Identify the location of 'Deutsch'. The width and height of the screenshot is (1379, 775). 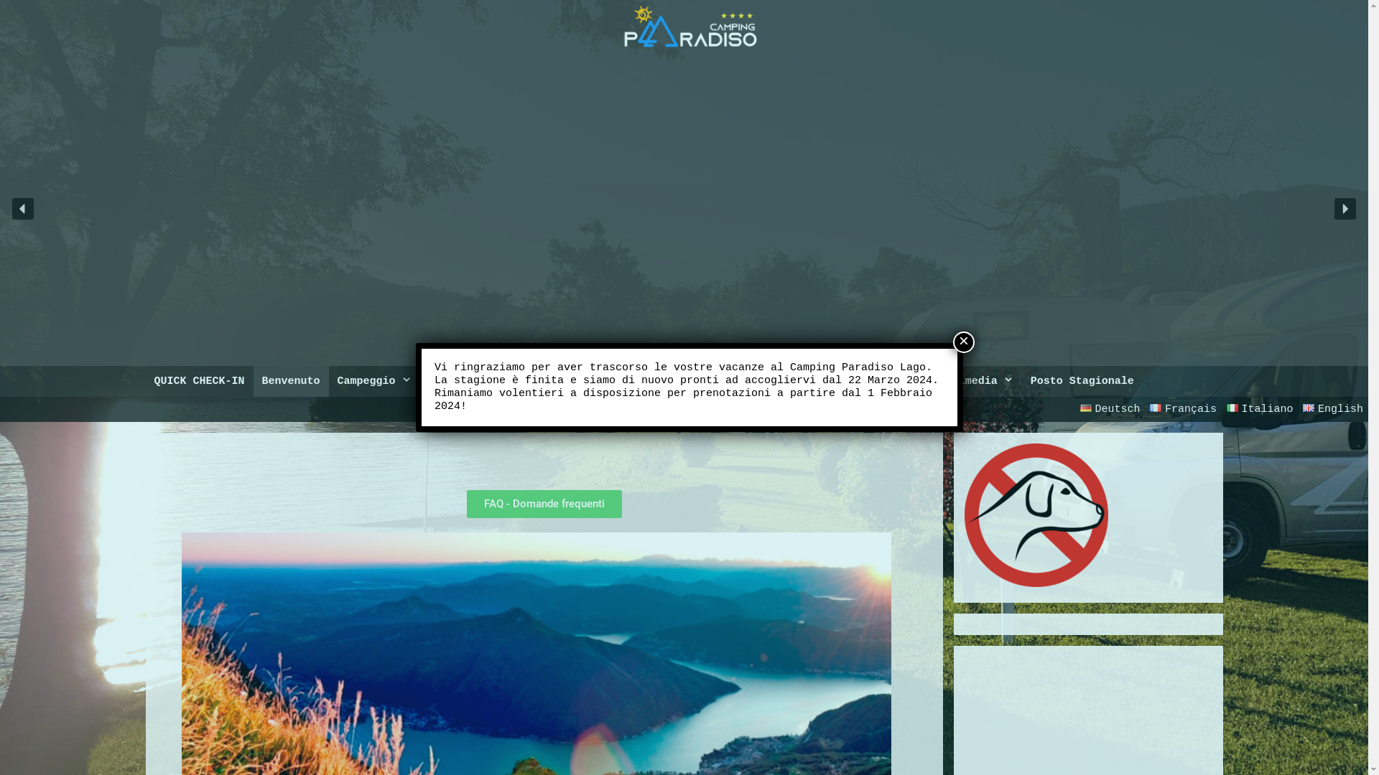
(1075, 409).